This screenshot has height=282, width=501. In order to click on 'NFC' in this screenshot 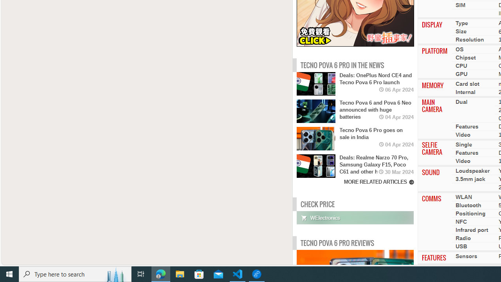, I will do `click(461, 222)`.